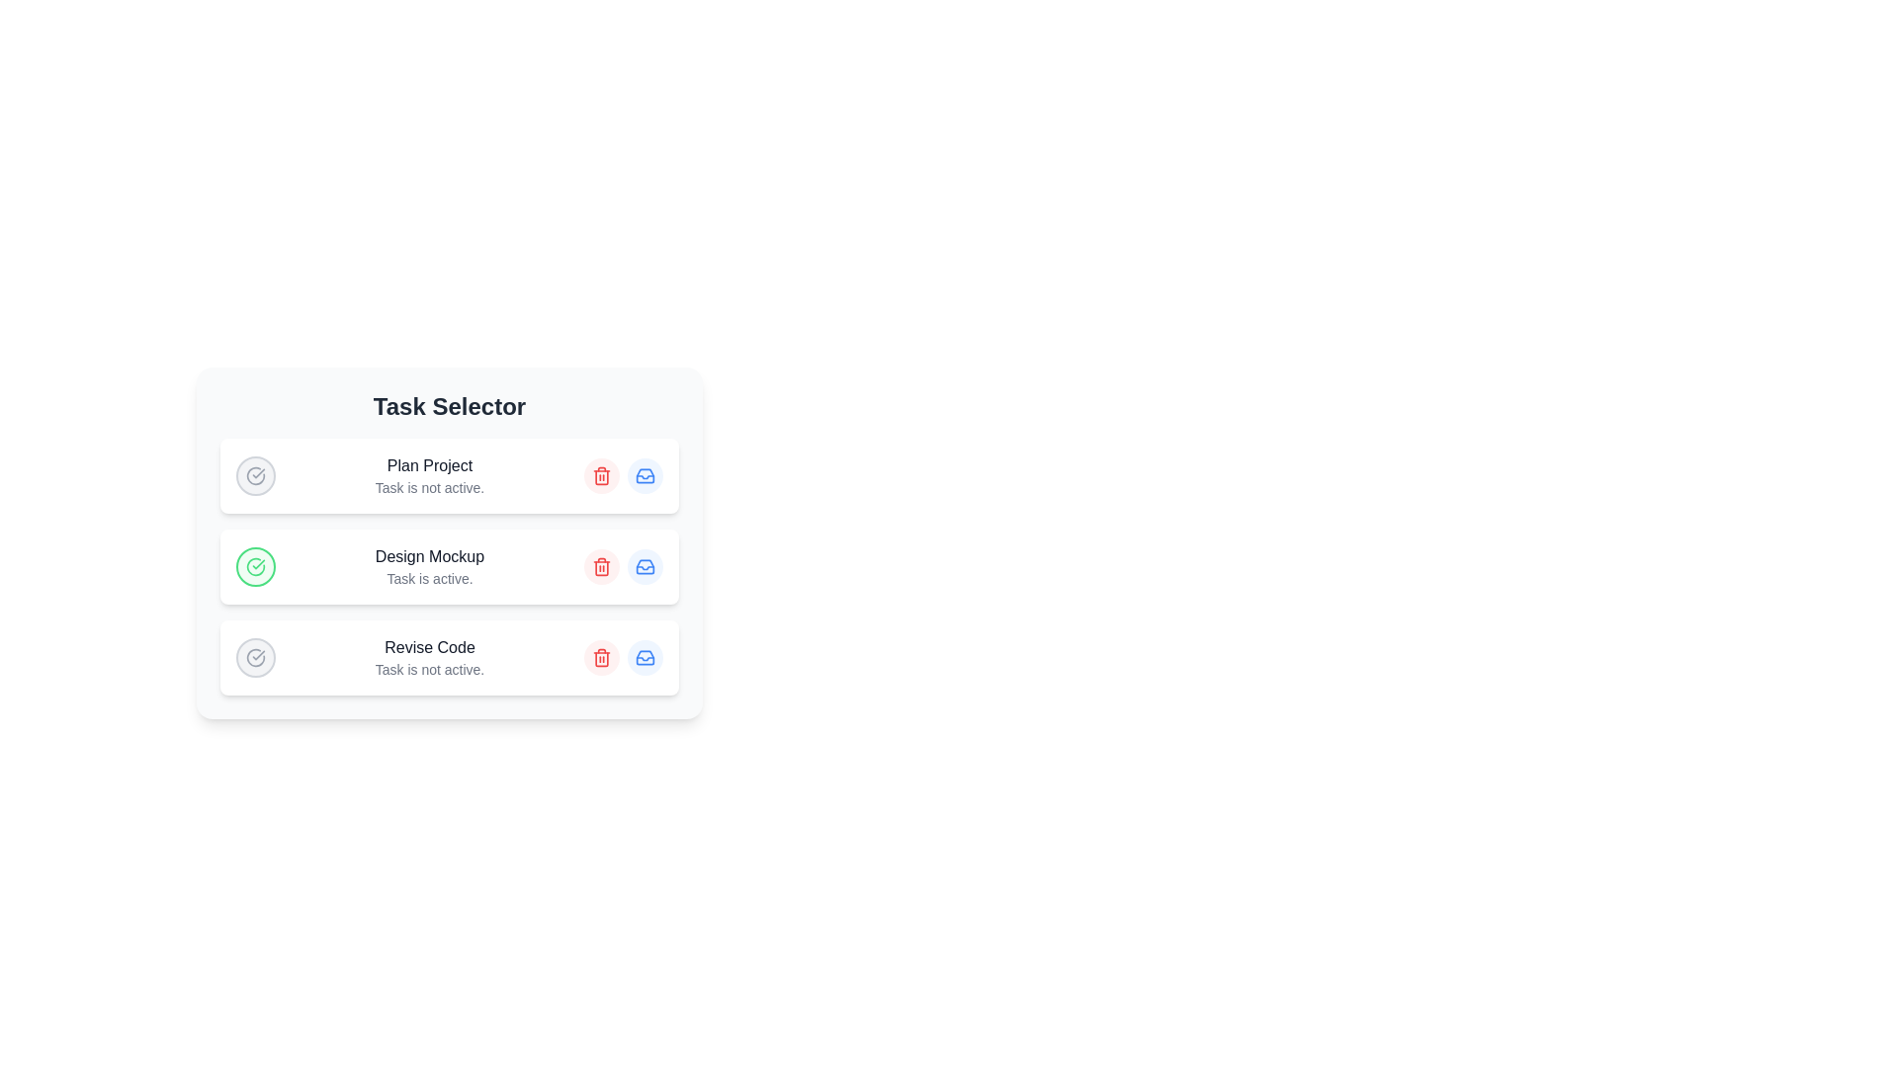  Describe the element at coordinates (429, 578) in the screenshot. I see `the text label displaying 'Task is active.' located below 'Design Mockup' in the second card of the 'Task Selector' interface` at that location.